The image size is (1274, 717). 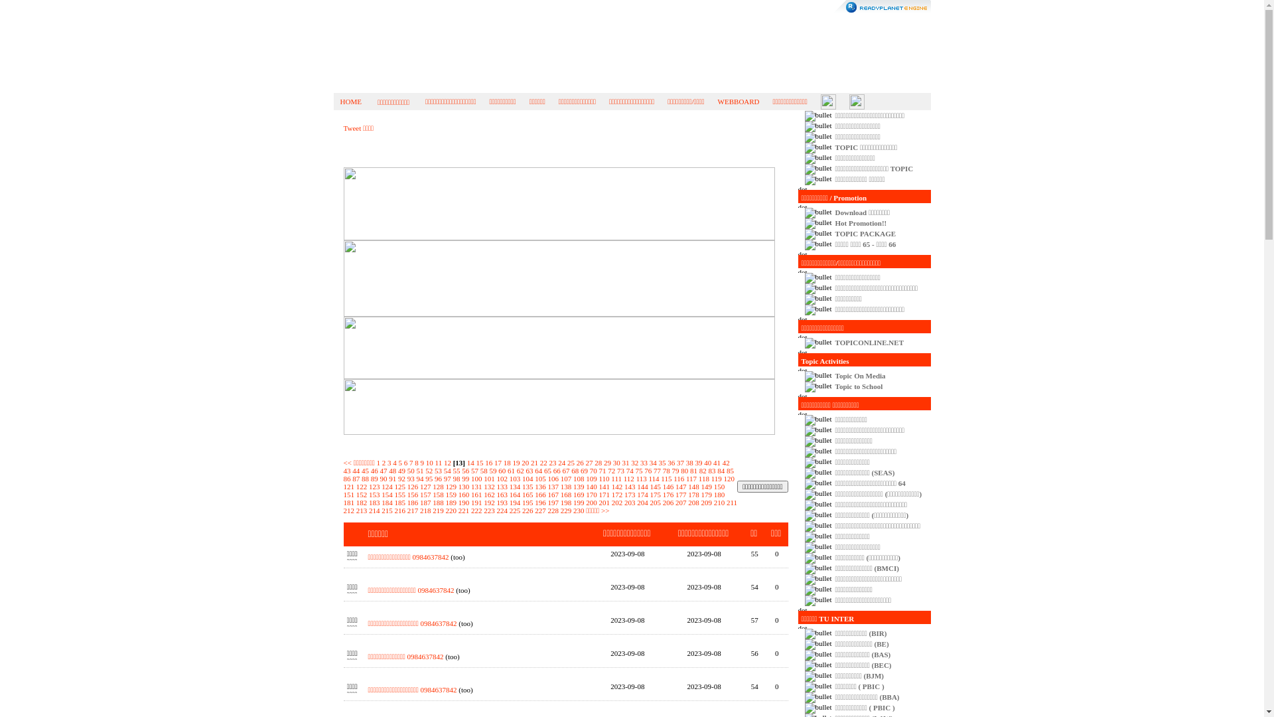 What do you see at coordinates (374, 470) in the screenshot?
I see `'46'` at bounding box center [374, 470].